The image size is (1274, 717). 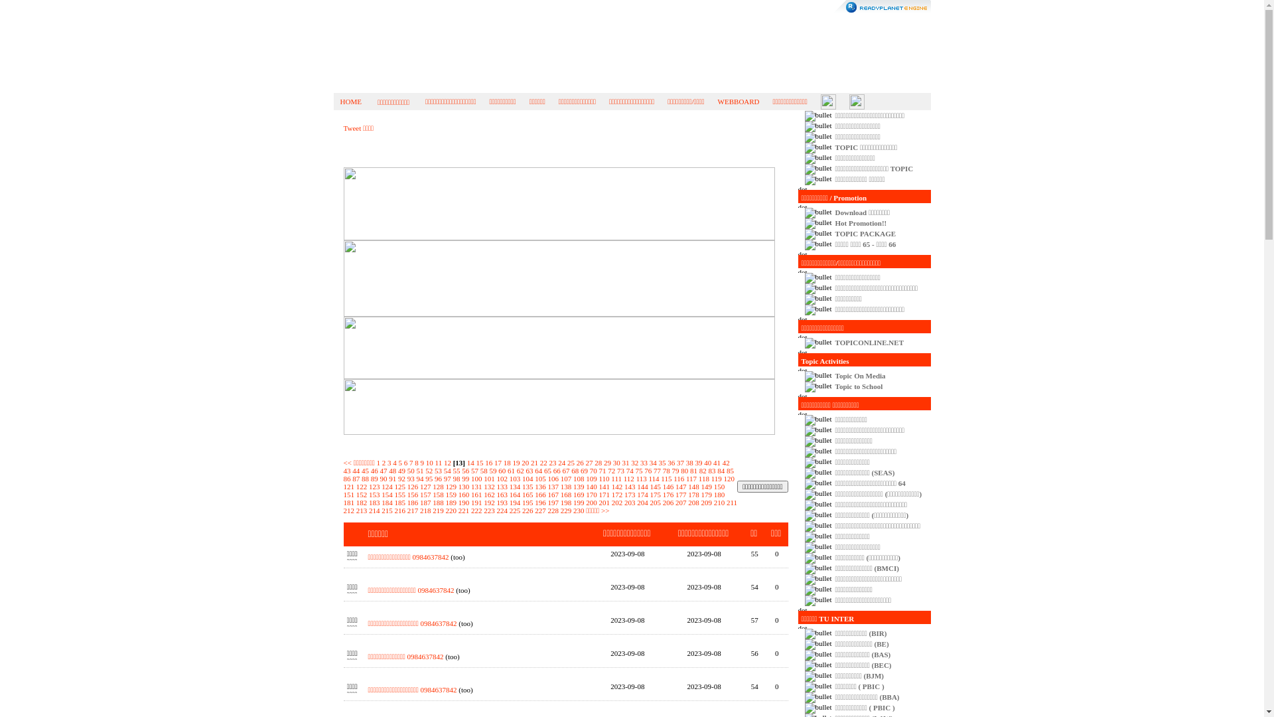 What do you see at coordinates (374, 470) in the screenshot?
I see `'46'` at bounding box center [374, 470].